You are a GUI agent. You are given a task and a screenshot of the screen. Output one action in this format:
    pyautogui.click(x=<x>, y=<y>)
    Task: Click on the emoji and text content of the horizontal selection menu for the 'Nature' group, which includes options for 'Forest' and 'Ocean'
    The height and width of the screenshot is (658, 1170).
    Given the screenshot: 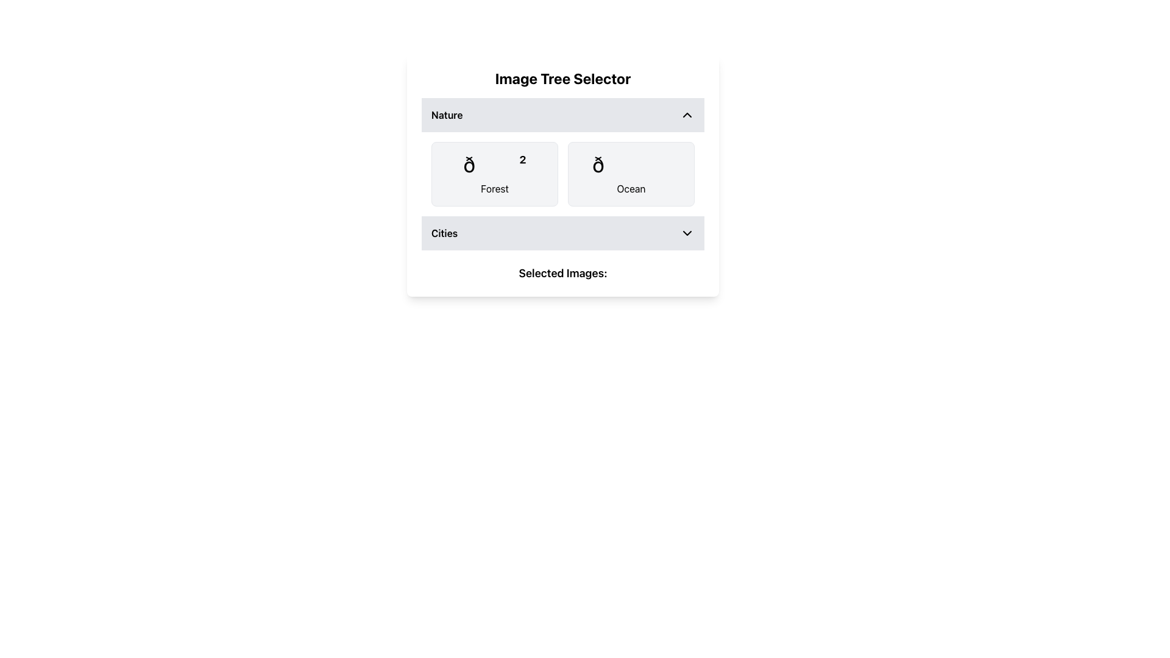 What is the action you would take?
    pyautogui.click(x=562, y=174)
    